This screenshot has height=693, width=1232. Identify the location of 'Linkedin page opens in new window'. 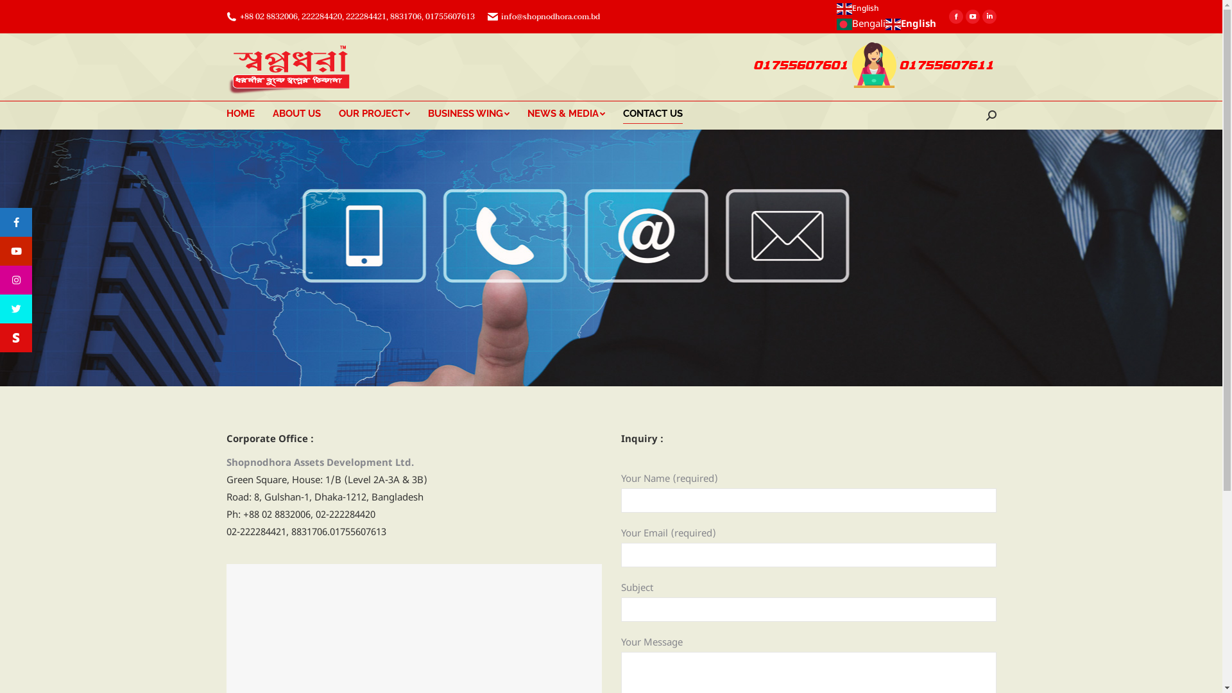
(988, 17).